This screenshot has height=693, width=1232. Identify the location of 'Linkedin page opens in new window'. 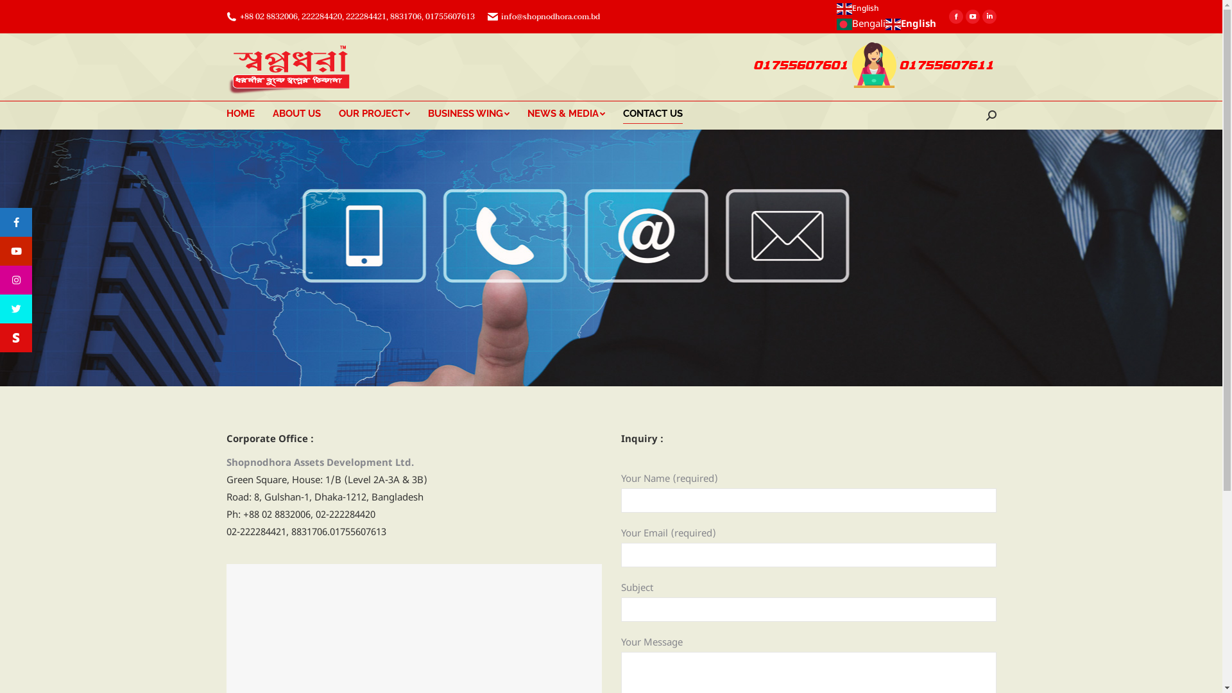
(988, 17).